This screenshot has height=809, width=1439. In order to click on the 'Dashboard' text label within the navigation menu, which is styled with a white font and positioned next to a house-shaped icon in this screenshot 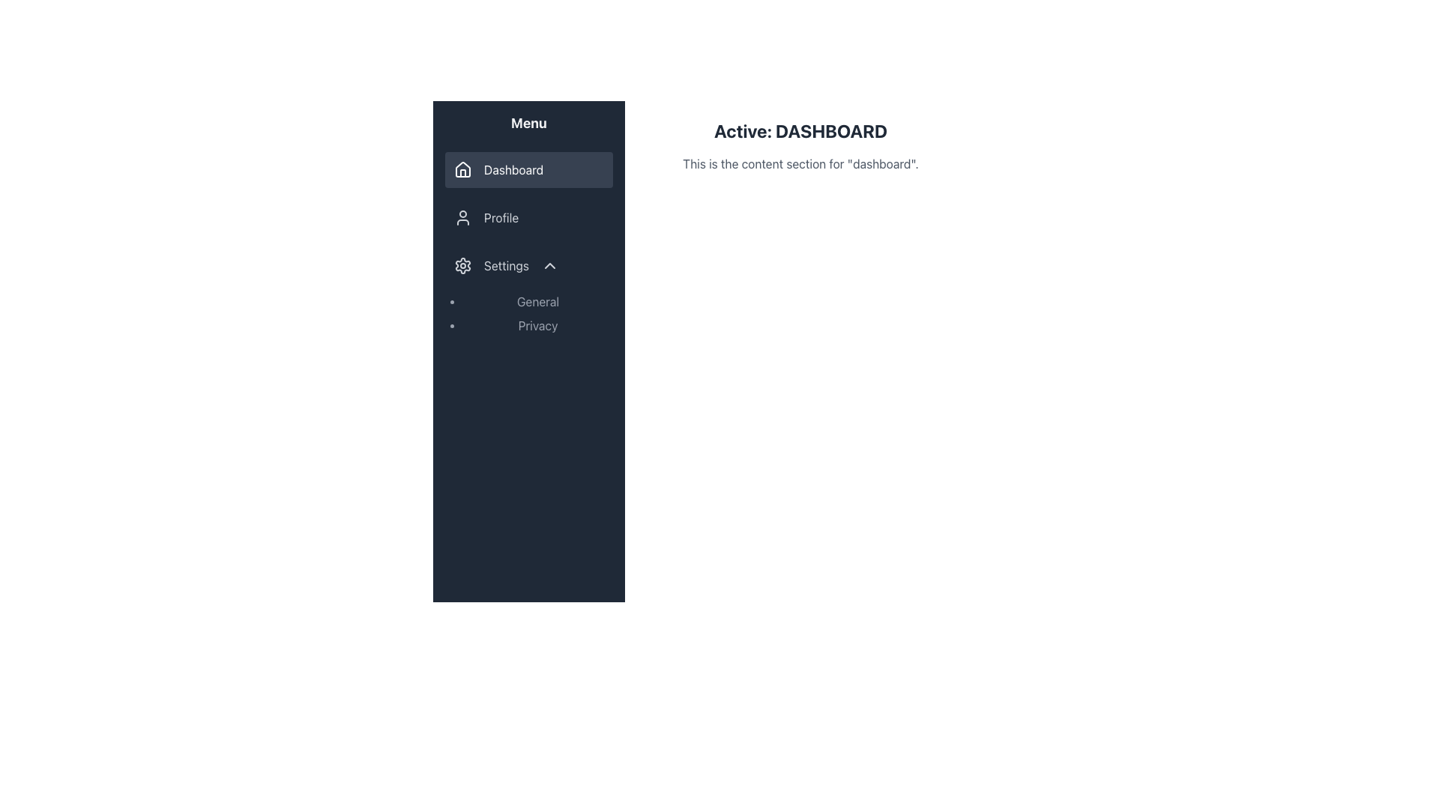, I will do `click(513, 169)`.